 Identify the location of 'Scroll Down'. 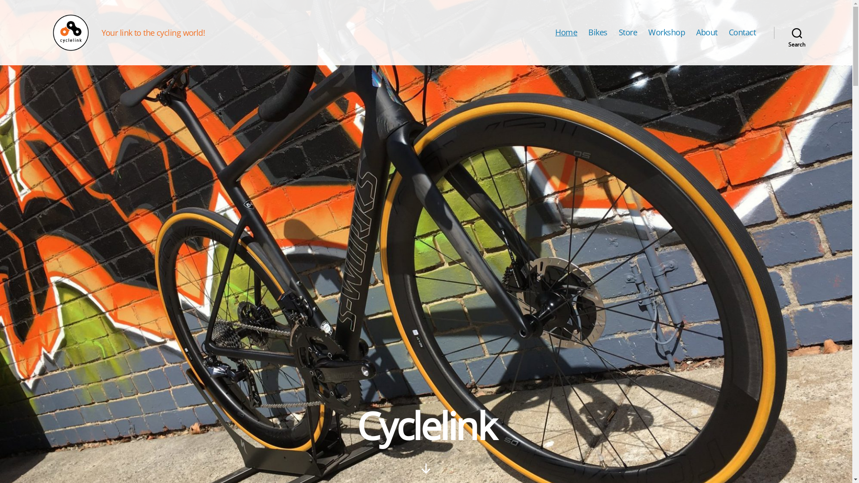
(425, 468).